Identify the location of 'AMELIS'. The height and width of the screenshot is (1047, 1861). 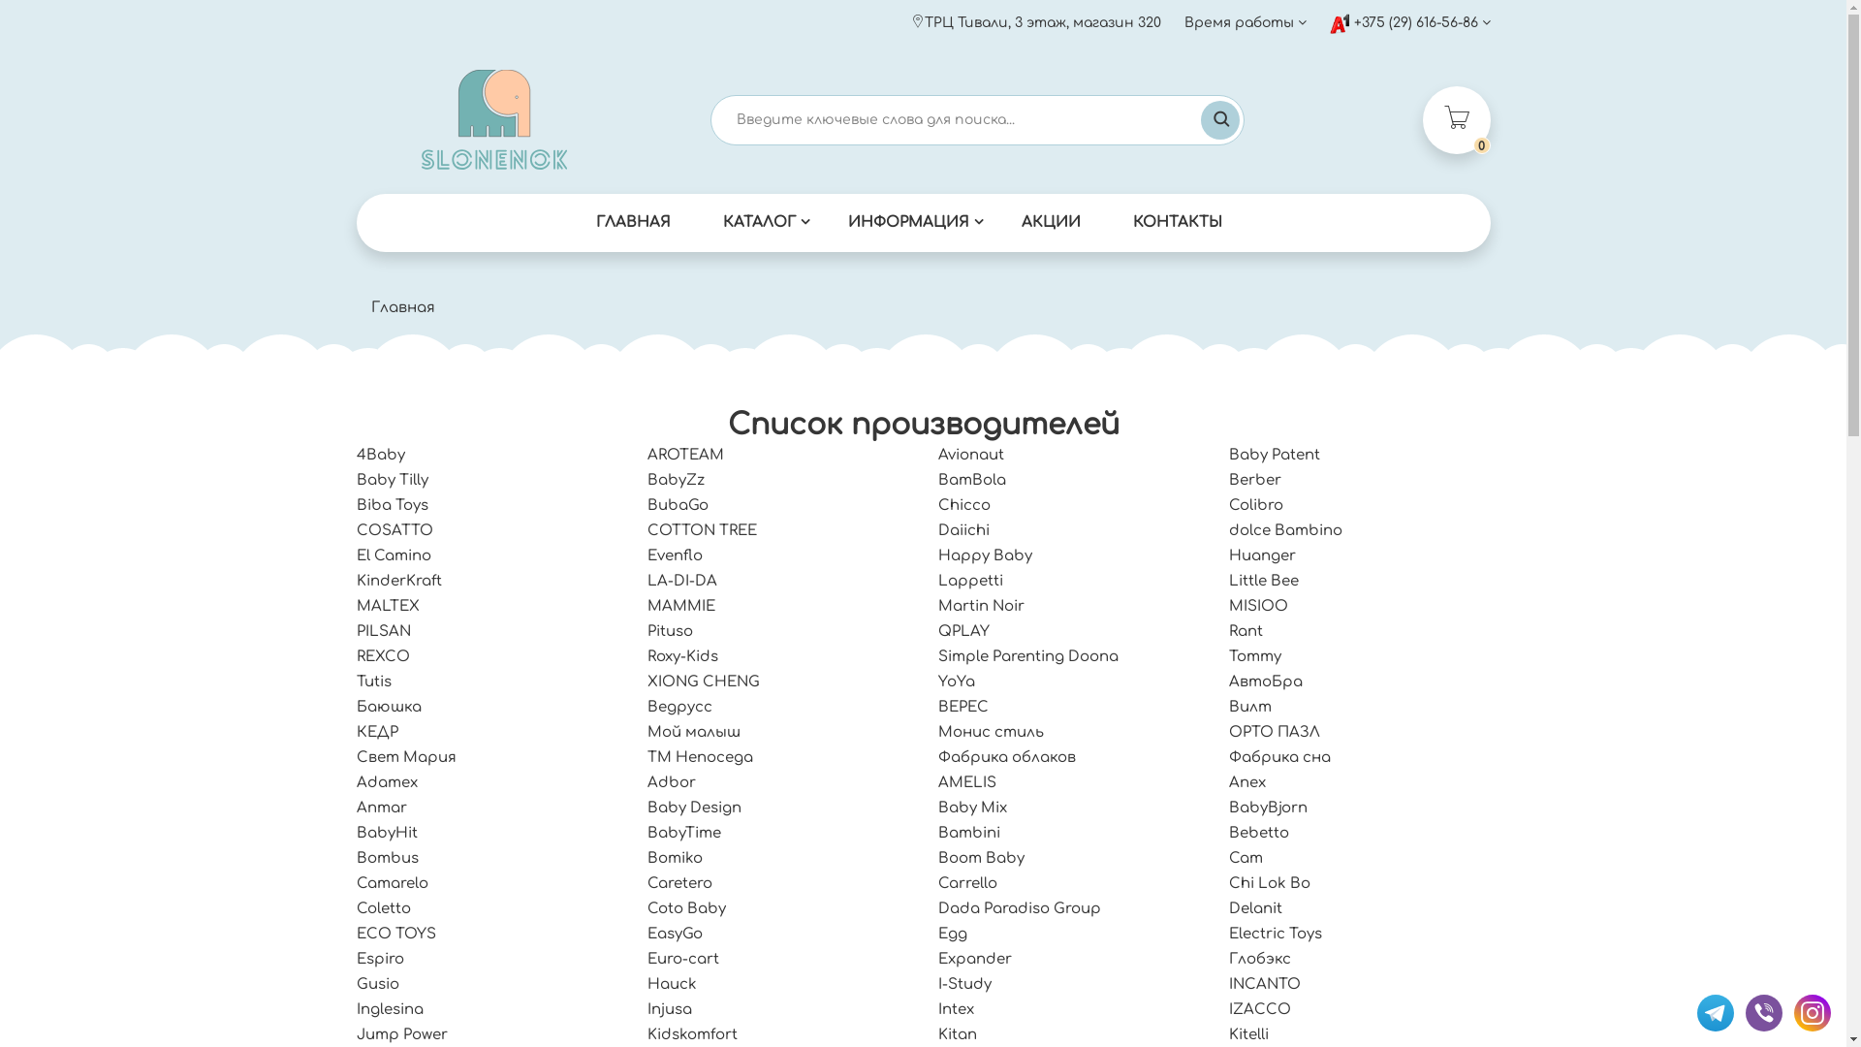
(967, 781).